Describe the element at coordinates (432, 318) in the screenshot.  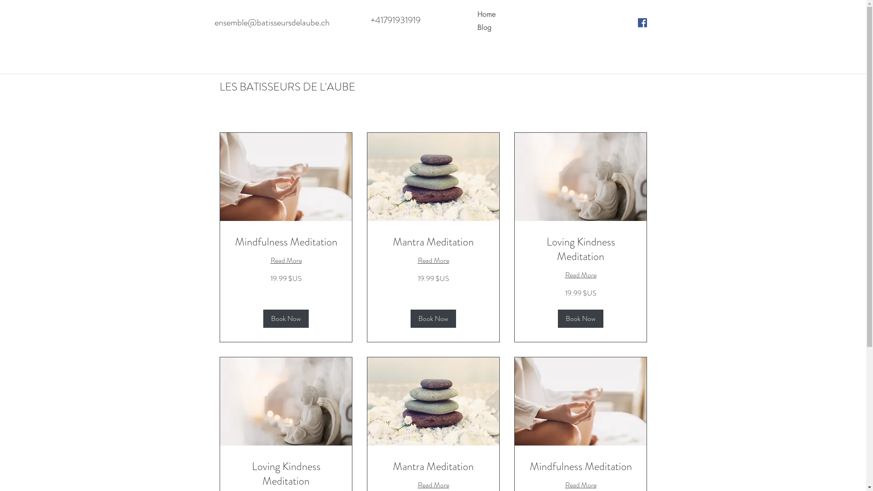
I see `'Book Now'` at that location.